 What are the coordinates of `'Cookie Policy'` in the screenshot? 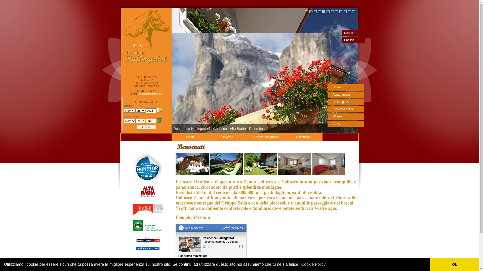 It's located at (300, 264).